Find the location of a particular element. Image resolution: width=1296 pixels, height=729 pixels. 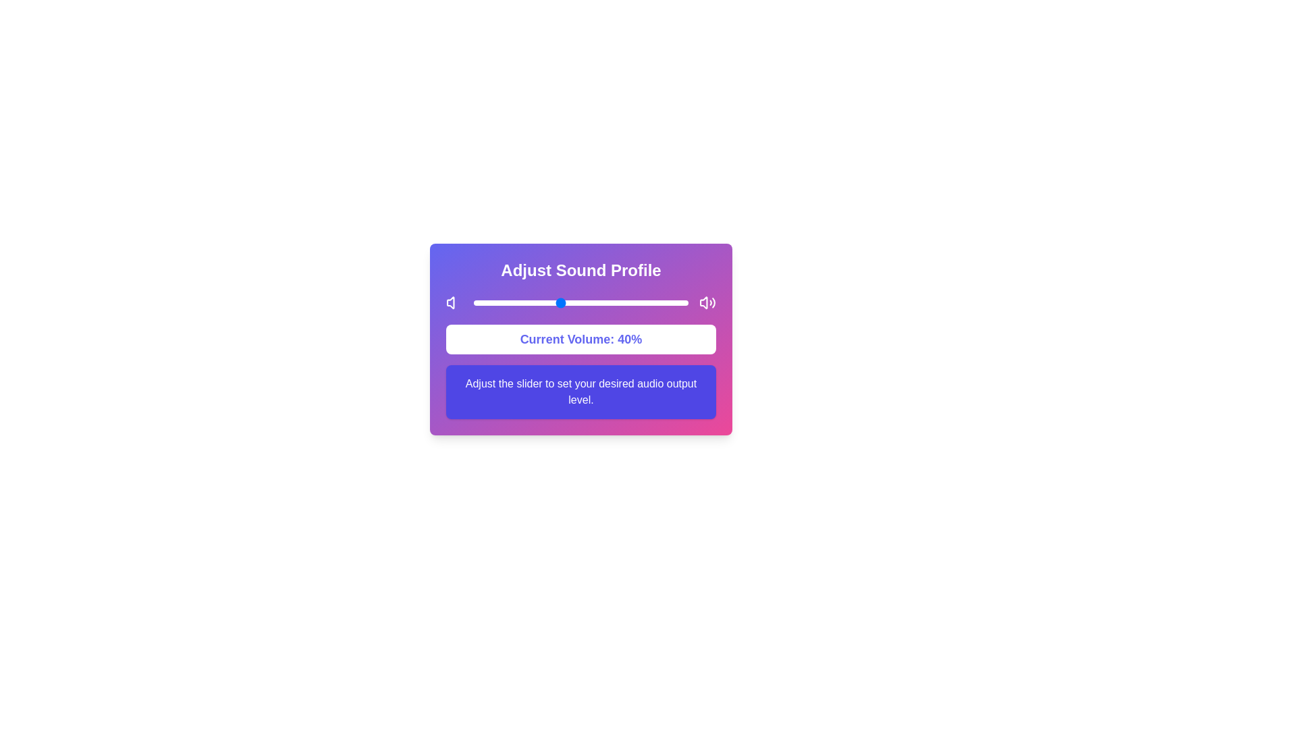

the slider to set the sound level to 78 is located at coordinates (640, 302).